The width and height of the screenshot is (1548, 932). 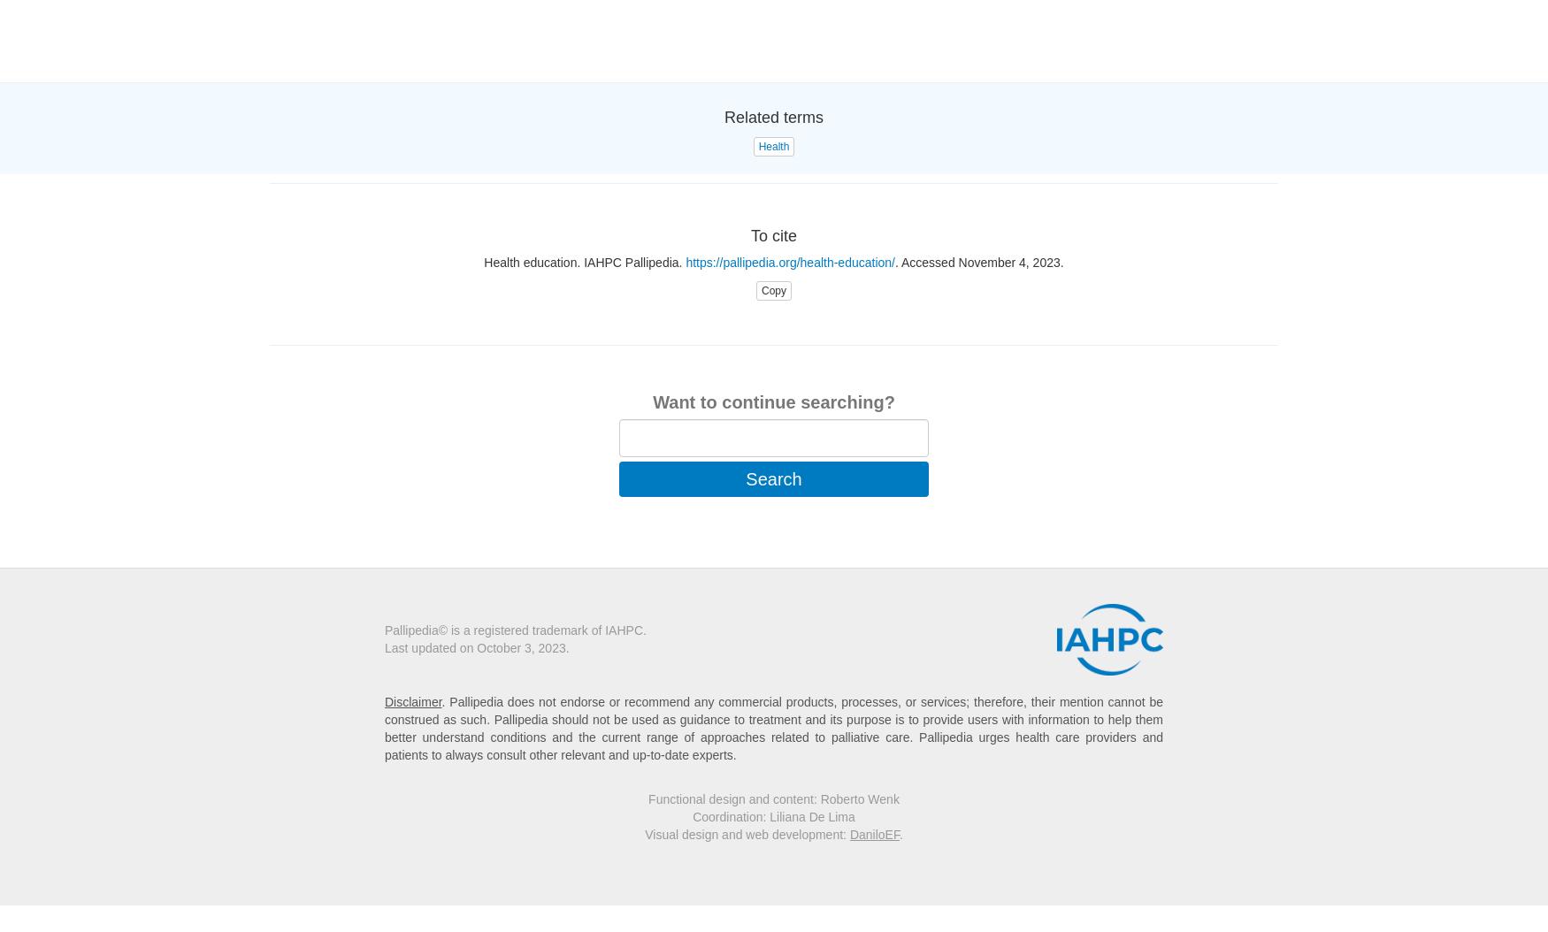 I want to click on 'Want to continue searching?', so click(x=773, y=401).